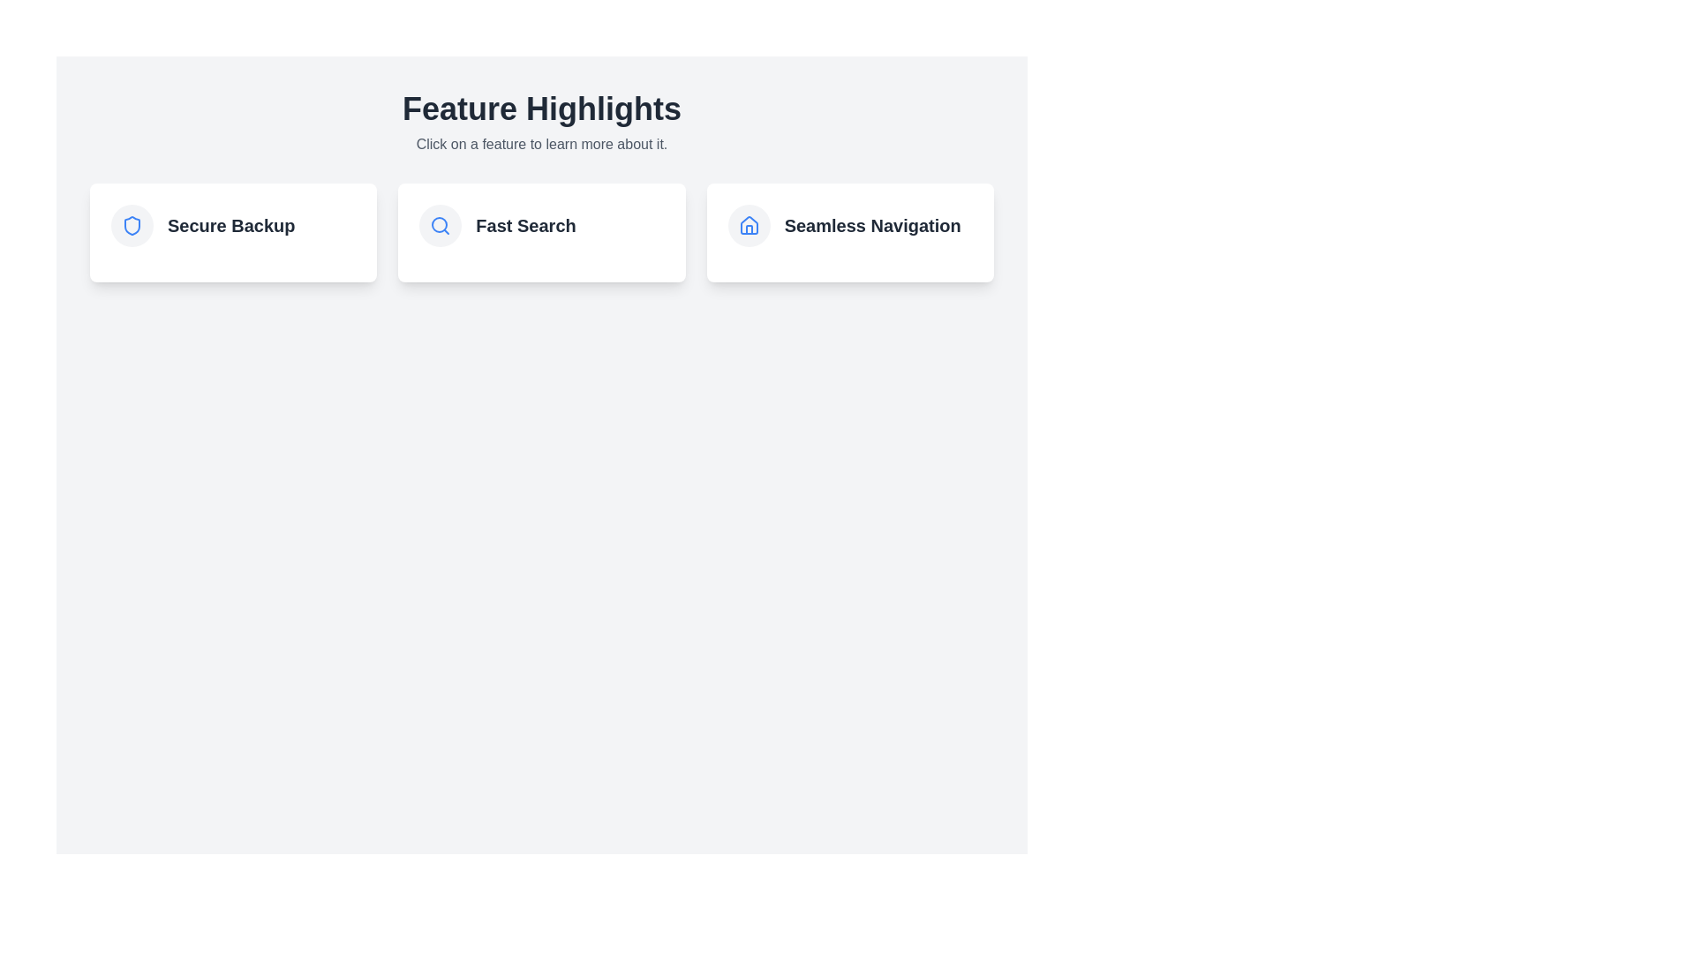 The image size is (1695, 953). What do you see at coordinates (131, 224) in the screenshot?
I see `the security feature icon located on the leftmost card titled 'Secure Backup' in the 'Feature Highlights' section, which is centered inside a circular area with a gray background` at bounding box center [131, 224].